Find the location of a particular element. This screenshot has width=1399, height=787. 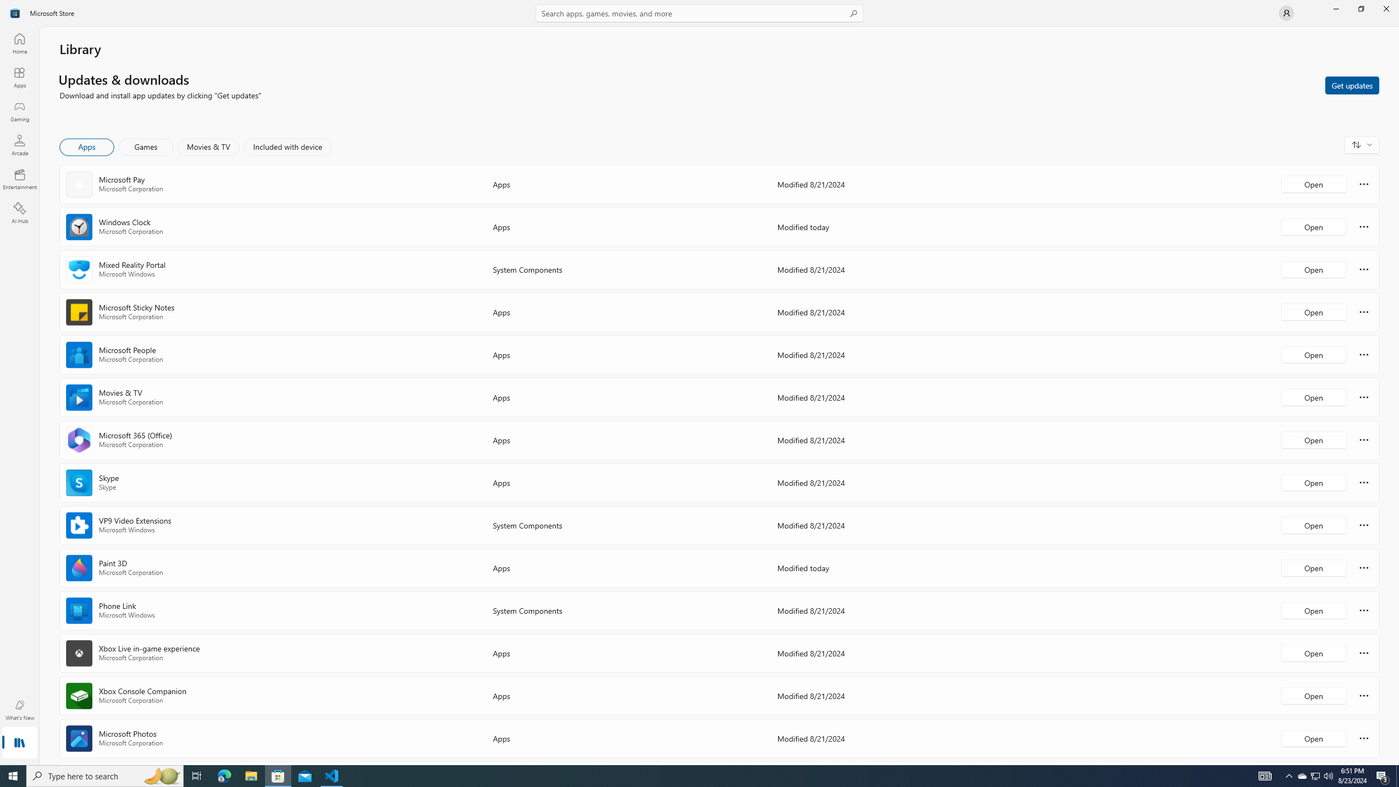

'Class: Image' is located at coordinates (15, 12).